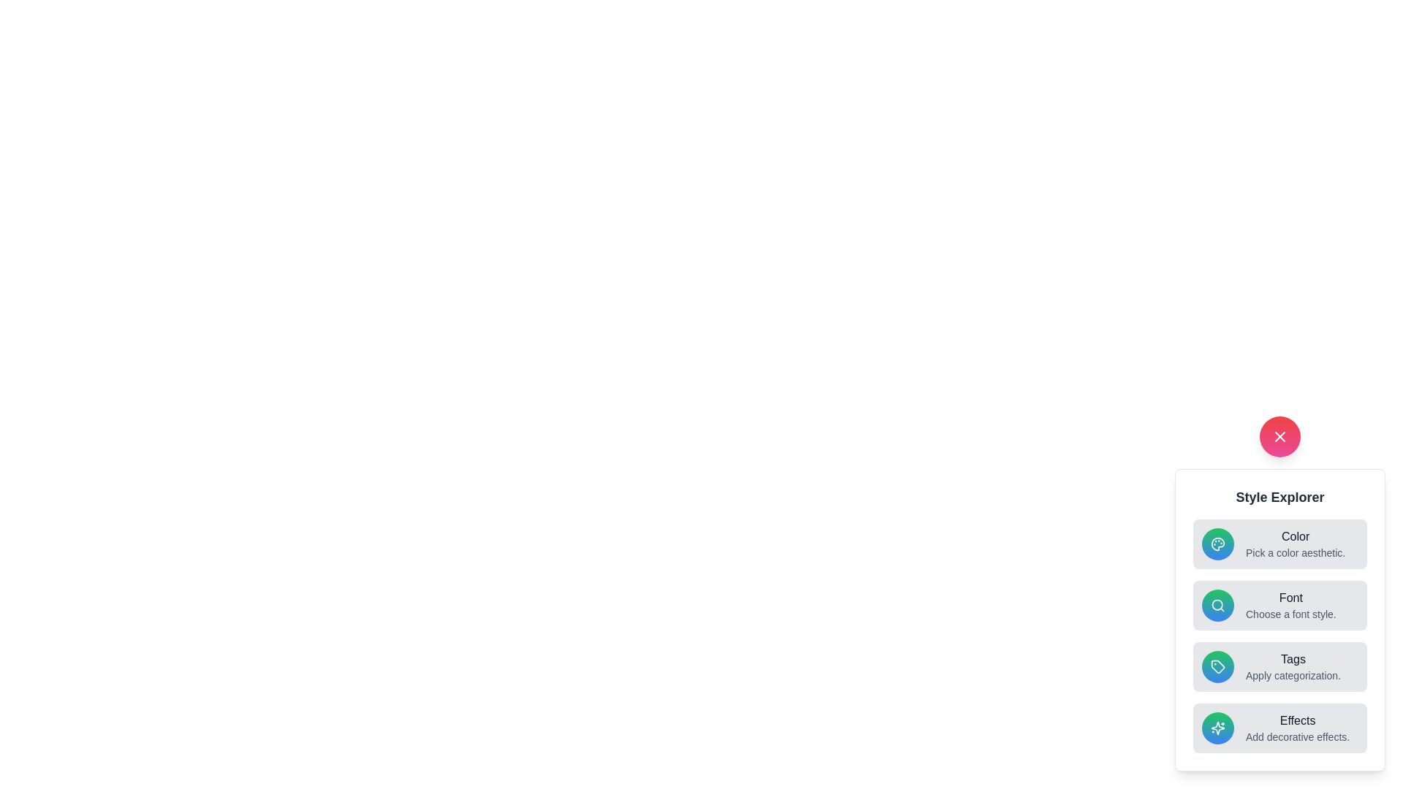 The image size is (1403, 789). What do you see at coordinates (1280, 497) in the screenshot?
I see `the 'Style Explorer' header` at bounding box center [1280, 497].